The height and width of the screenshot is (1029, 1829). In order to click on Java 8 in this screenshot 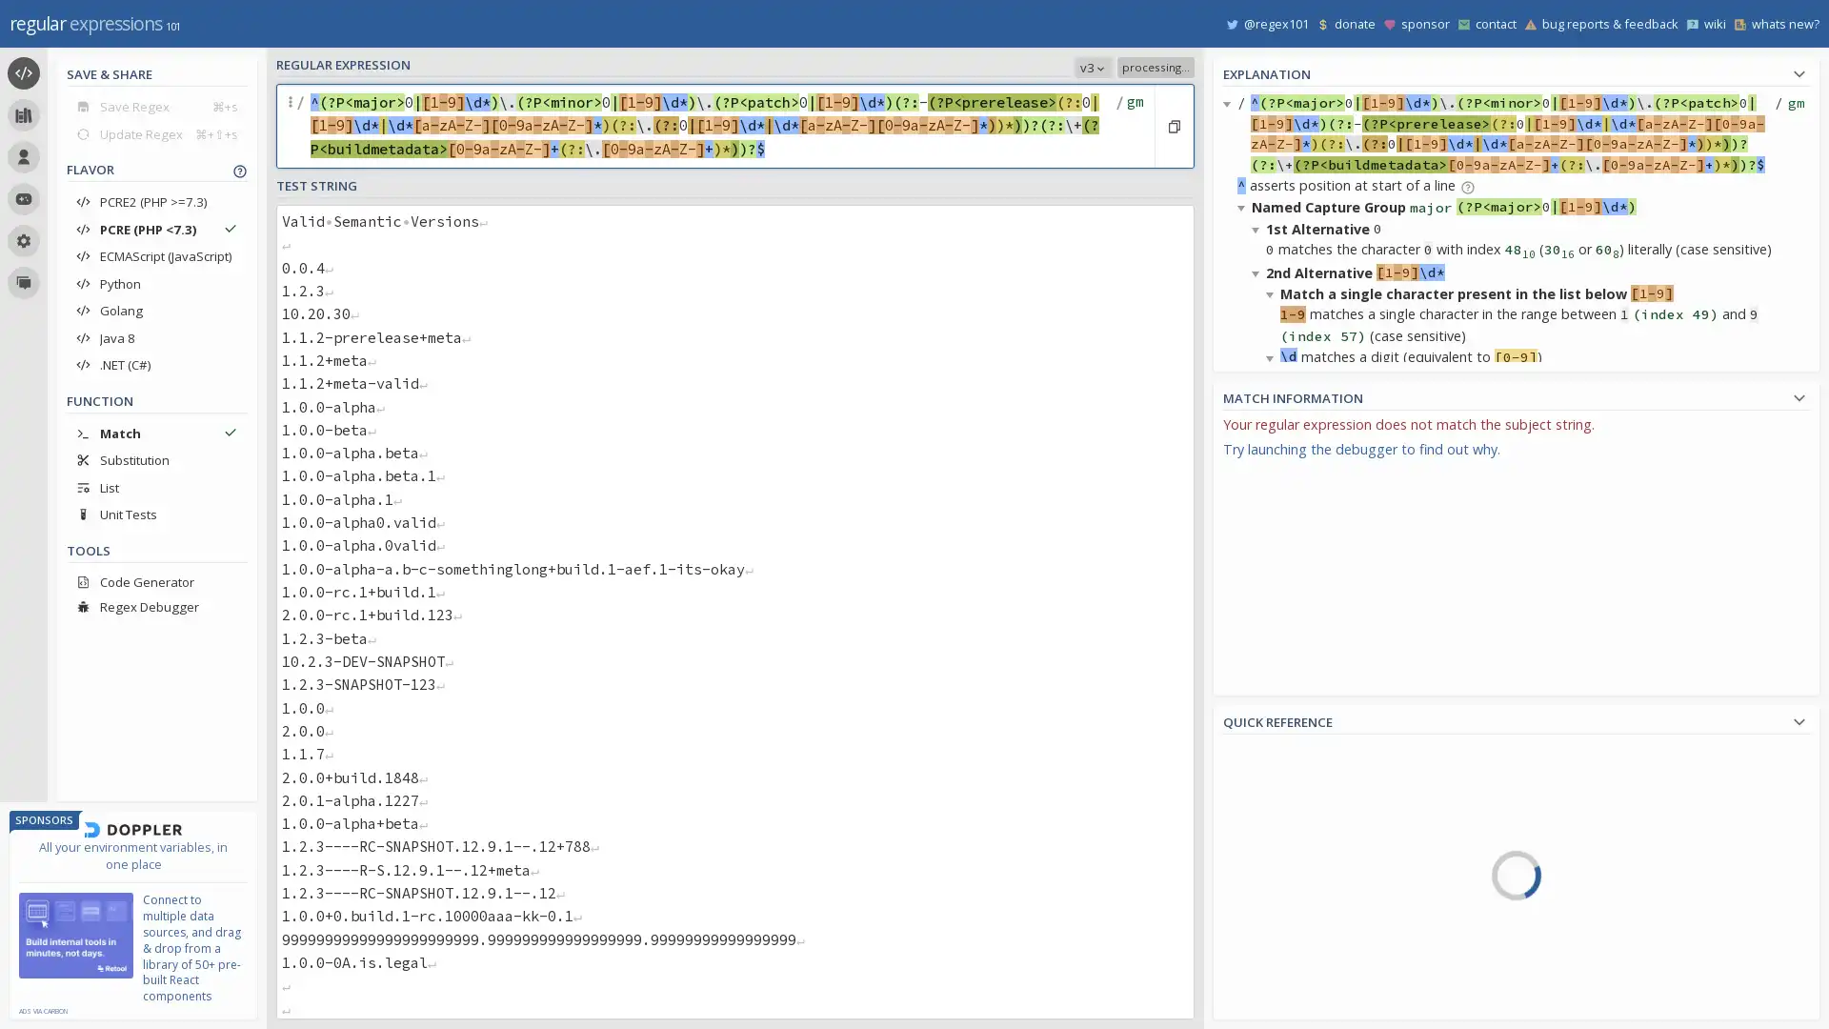, I will do `click(156, 336)`.